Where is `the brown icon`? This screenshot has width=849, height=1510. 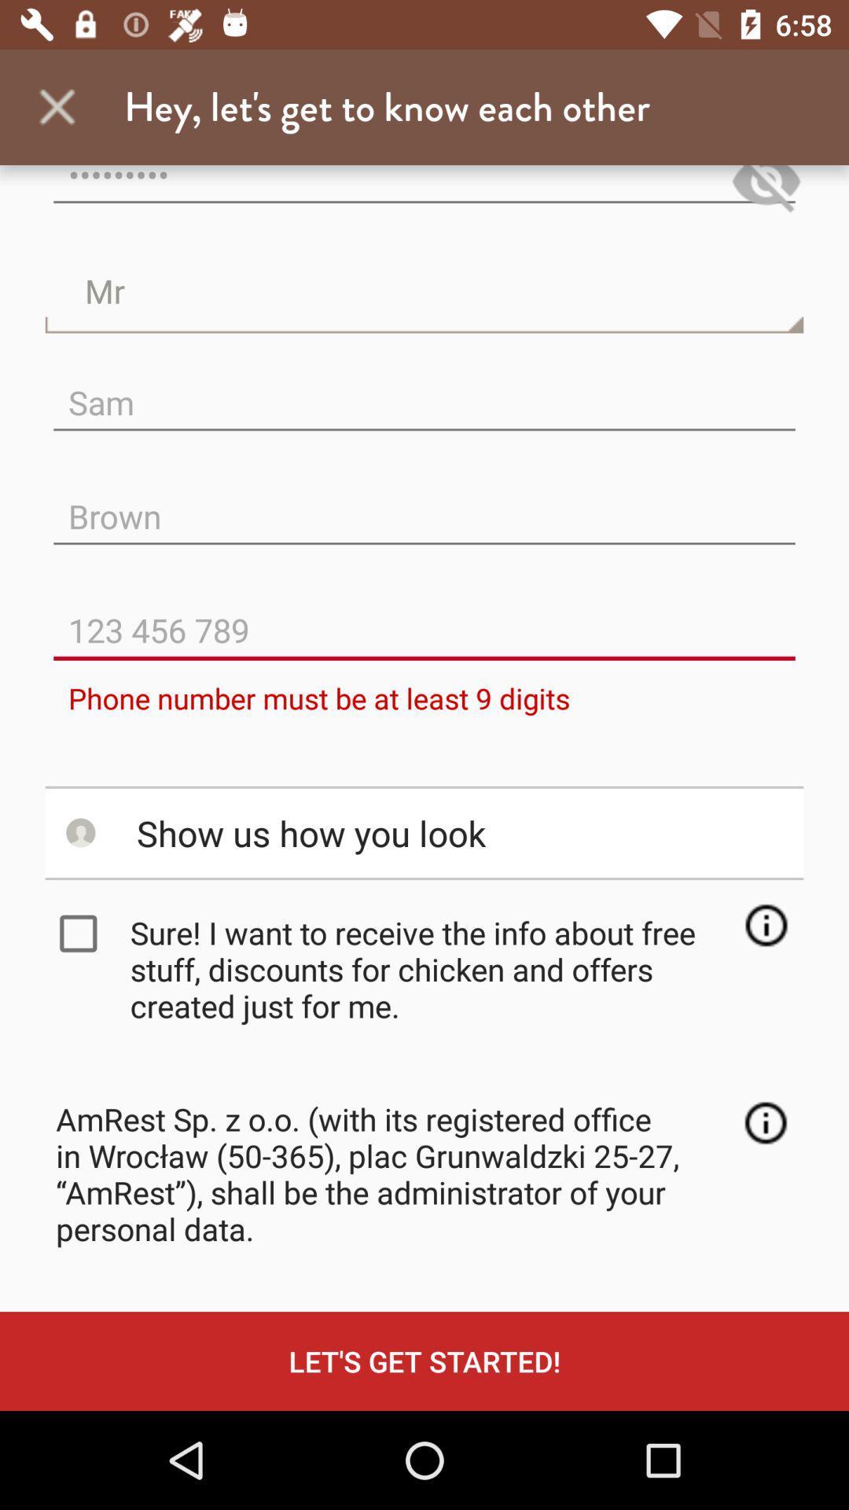 the brown icon is located at coordinates (424, 503).